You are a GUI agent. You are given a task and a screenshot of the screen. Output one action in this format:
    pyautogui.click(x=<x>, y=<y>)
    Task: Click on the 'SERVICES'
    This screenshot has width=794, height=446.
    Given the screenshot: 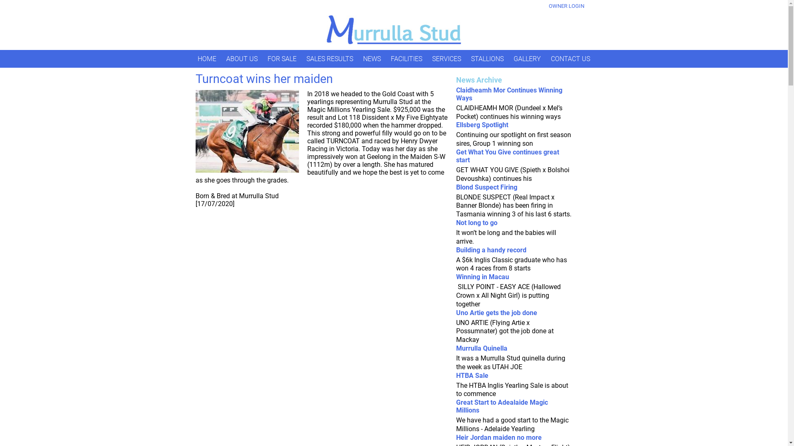 What is the action you would take?
    pyautogui.click(x=448, y=58)
    